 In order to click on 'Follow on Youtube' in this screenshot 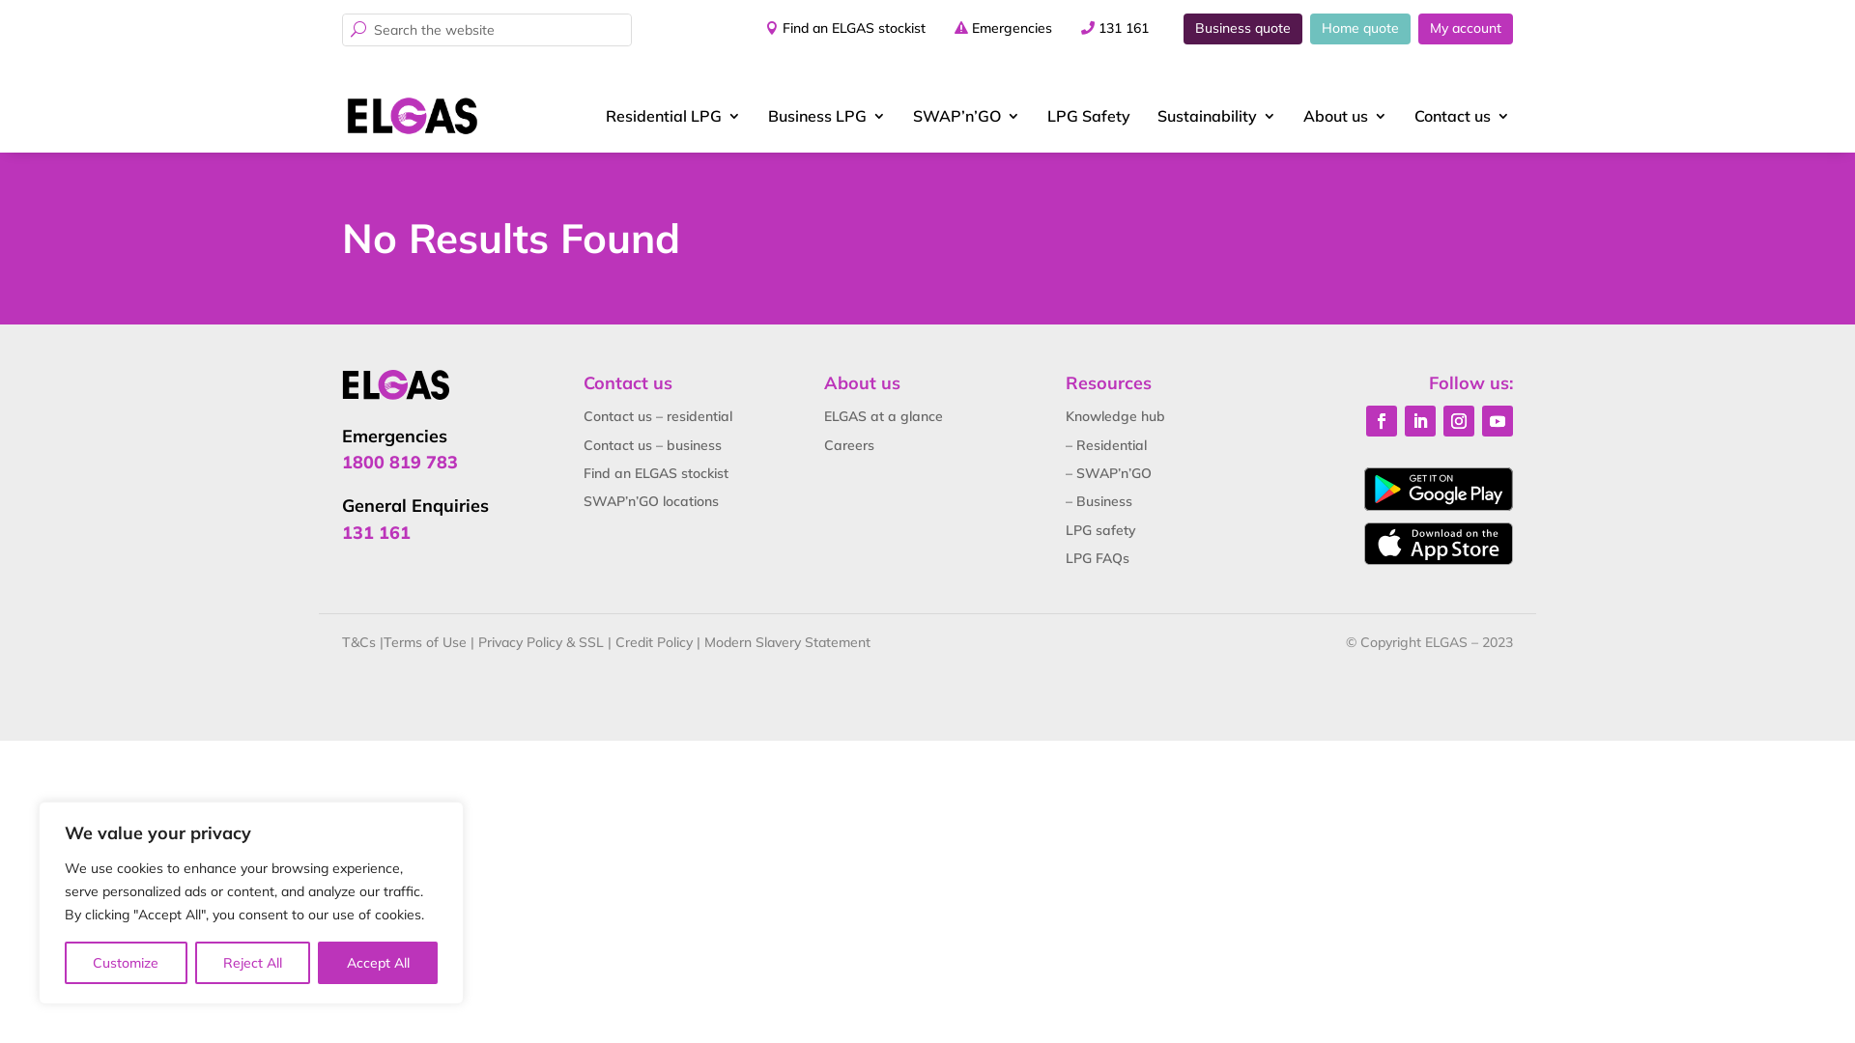, I will do `click(1497, 419)`.